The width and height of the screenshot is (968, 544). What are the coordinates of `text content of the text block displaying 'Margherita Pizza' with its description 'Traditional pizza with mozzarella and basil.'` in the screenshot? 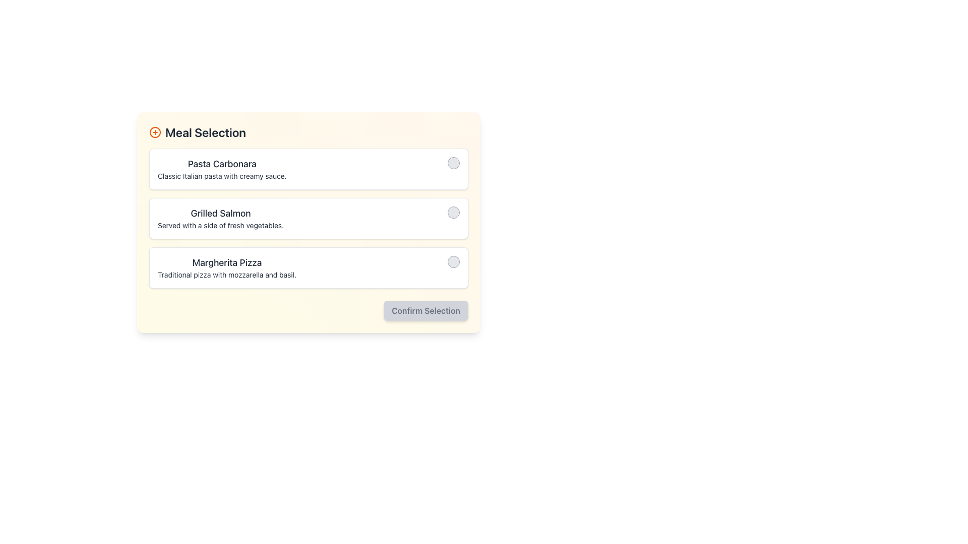 It's located at (226, 267).